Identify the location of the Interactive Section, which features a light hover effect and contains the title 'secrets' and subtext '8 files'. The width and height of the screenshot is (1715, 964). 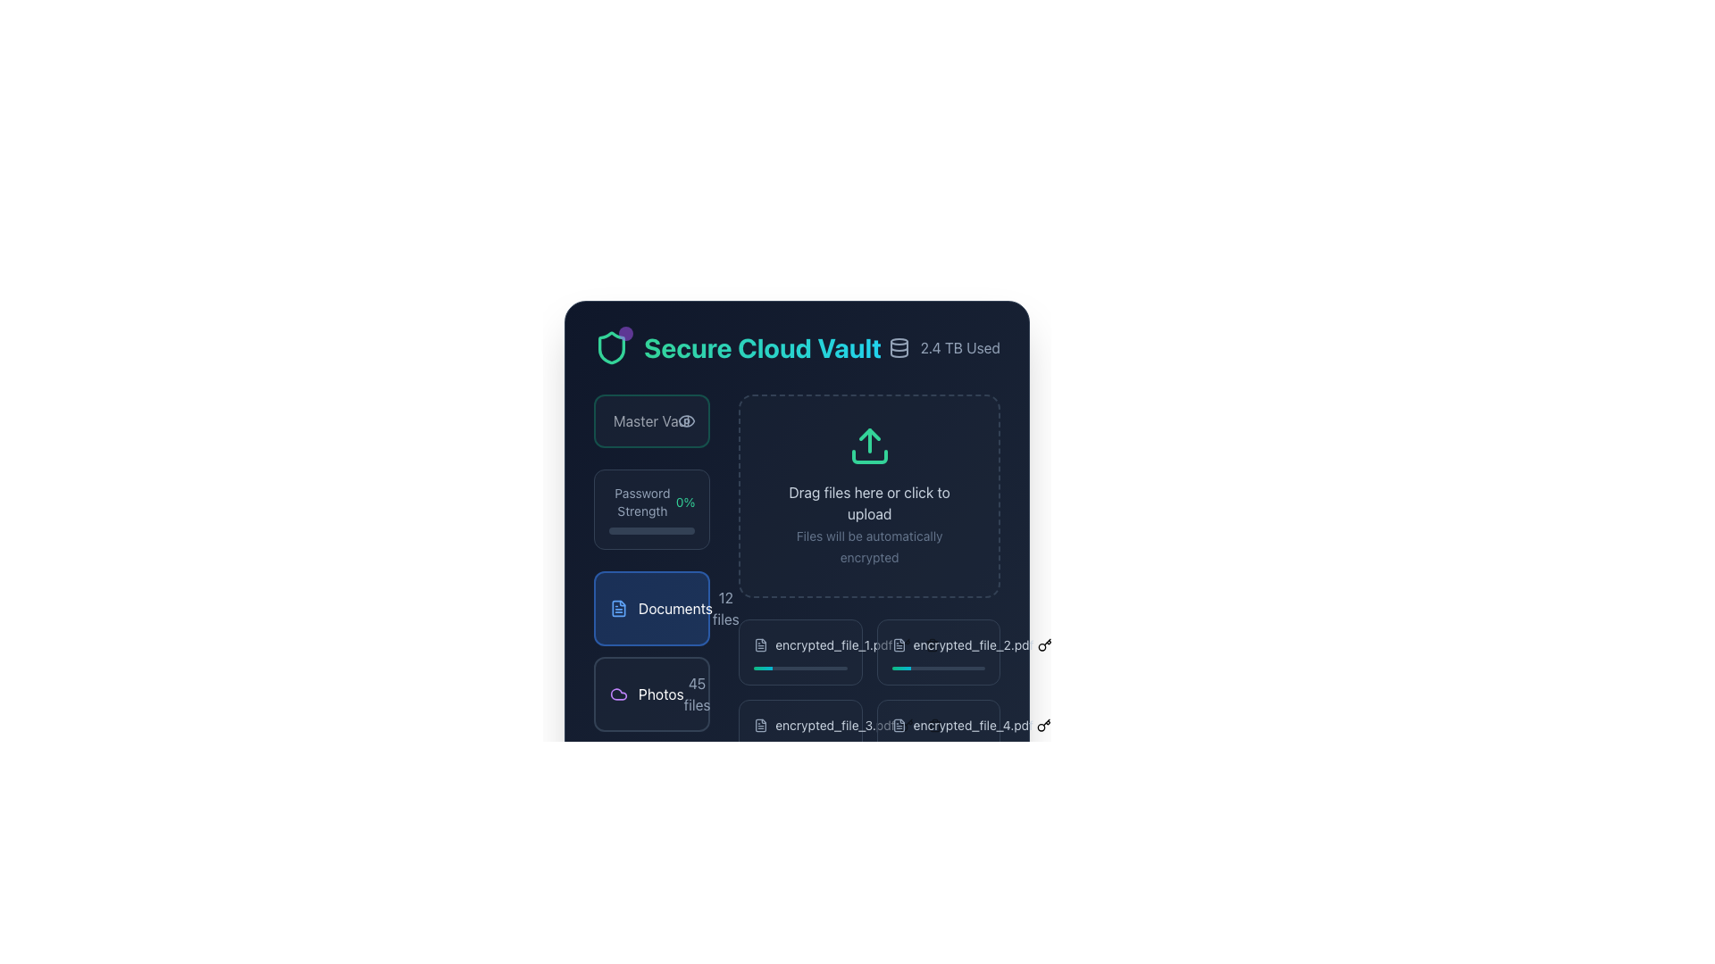
(651, 779).